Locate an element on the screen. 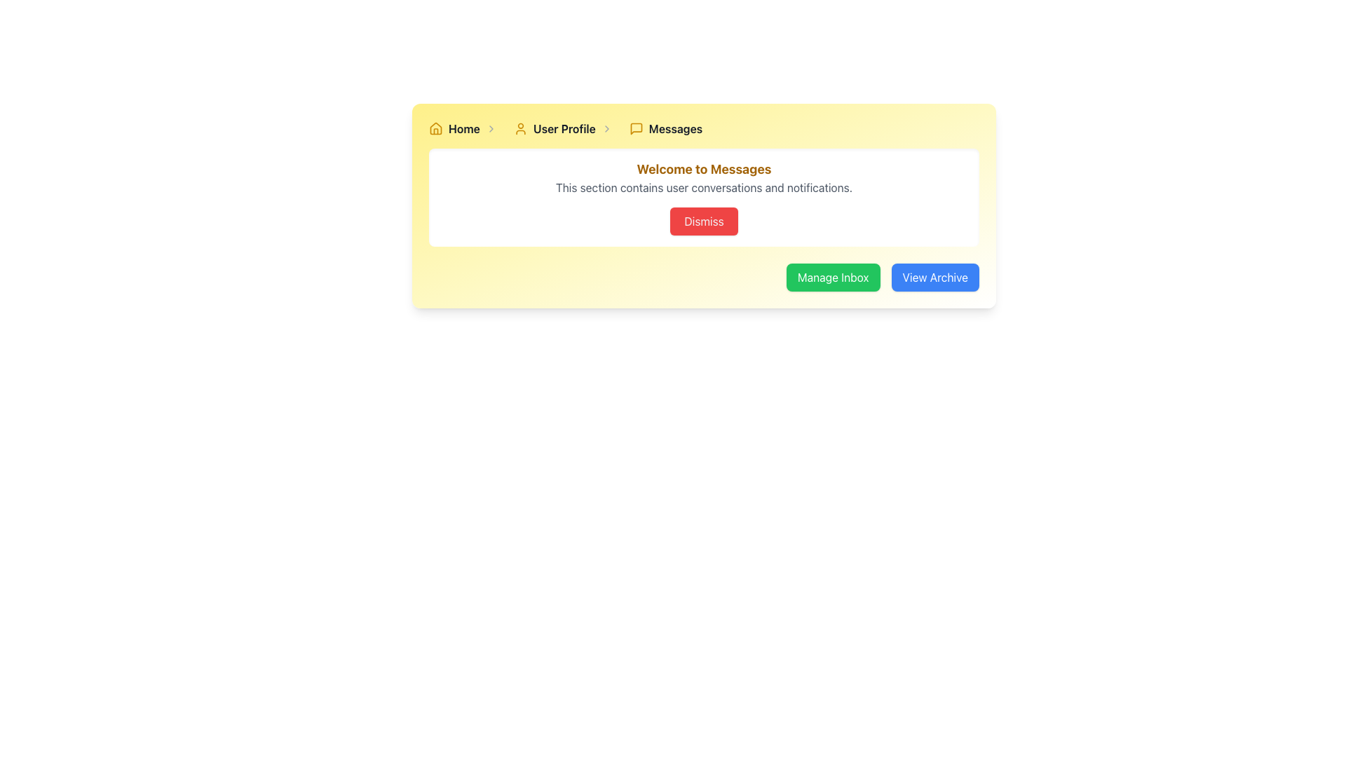 Image resolution: width=1346 pixels, height=757 pixels. the dismiss button located in the lower section of the white card panel, which is the third interactive element under the title 'Welcome to Messages' is located at coordinates (704, 221).